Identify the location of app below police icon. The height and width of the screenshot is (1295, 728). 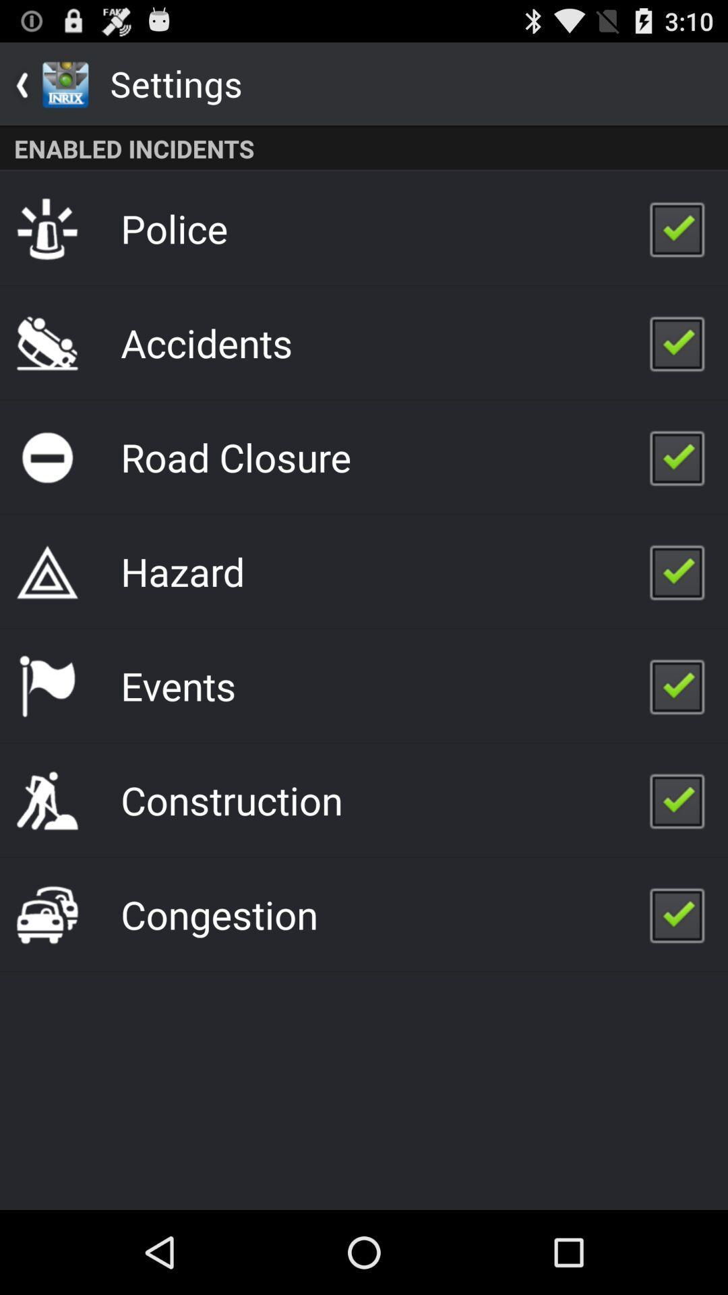
(206, 343).